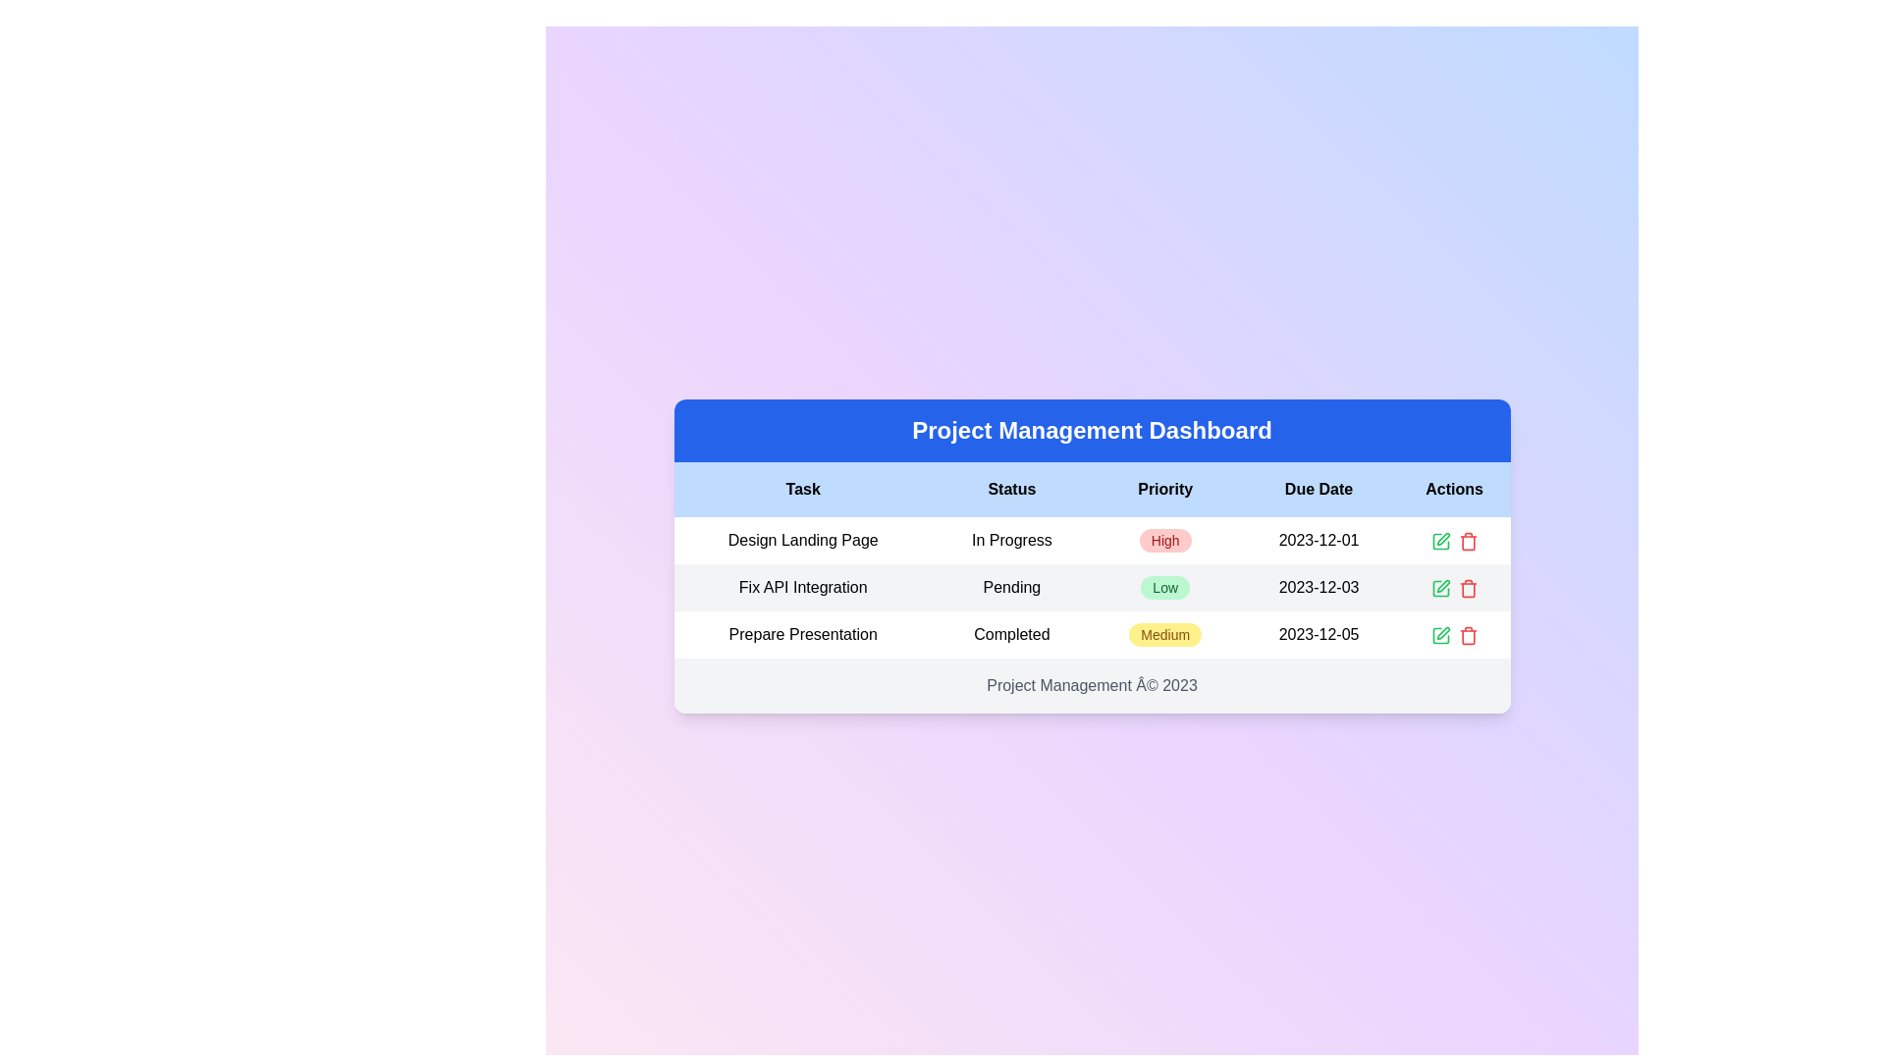  Describe the element at coordinates (1468, 541) in the screenshot. I see `the delete button located as the second action icon in the 'Actions' column of the row for 'Fix API Integration'` at that location.